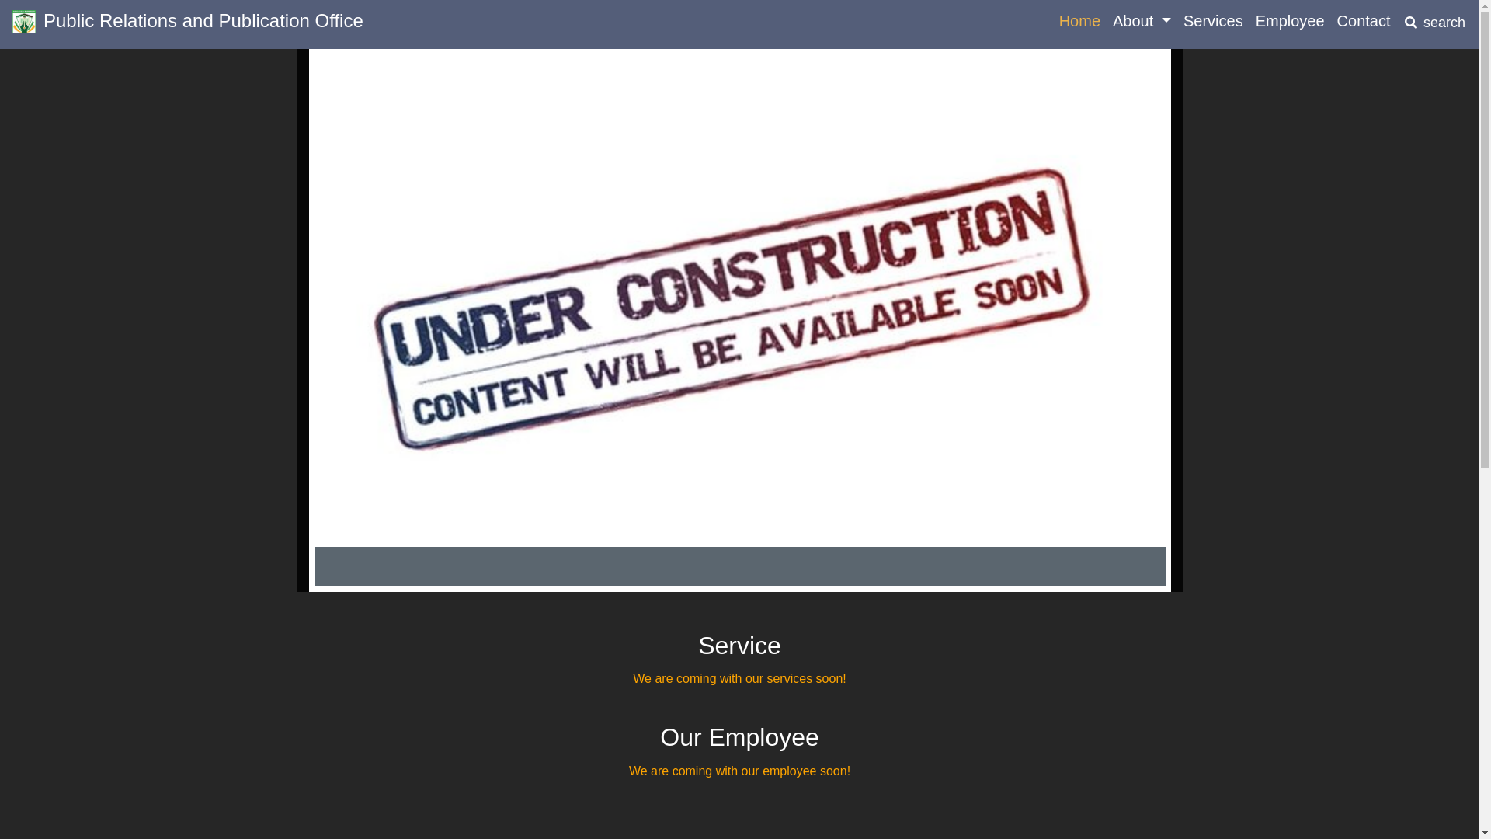  What do you see at coordinates (1434, 23) in the screenshot?
I see `'search'` at bounding box center [1434, 23].